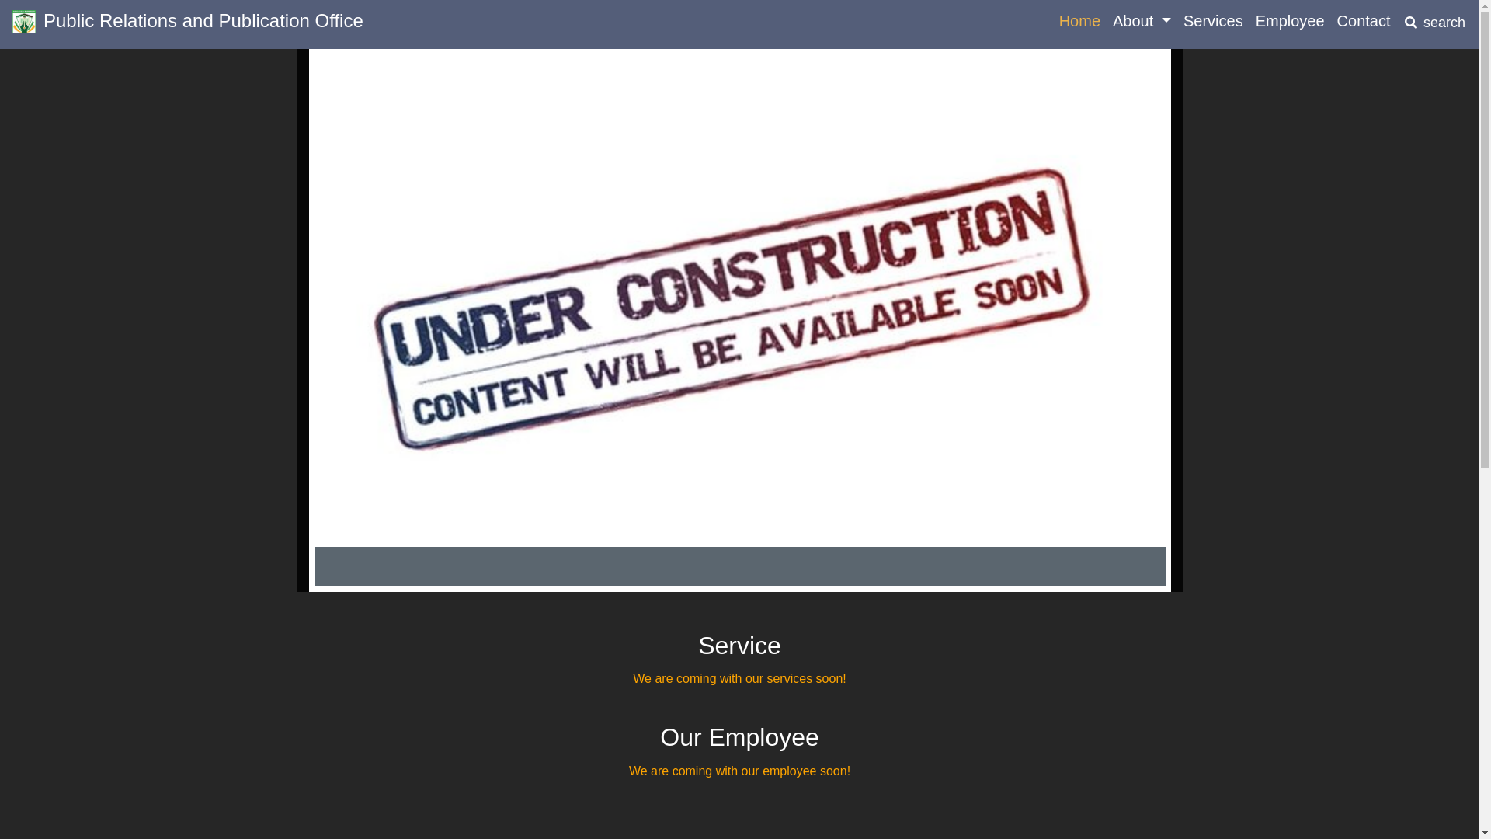  What do you see at coordinates (1434, 23) in the screenshot?
I see `'search'` at bounding box center [1434, 23].